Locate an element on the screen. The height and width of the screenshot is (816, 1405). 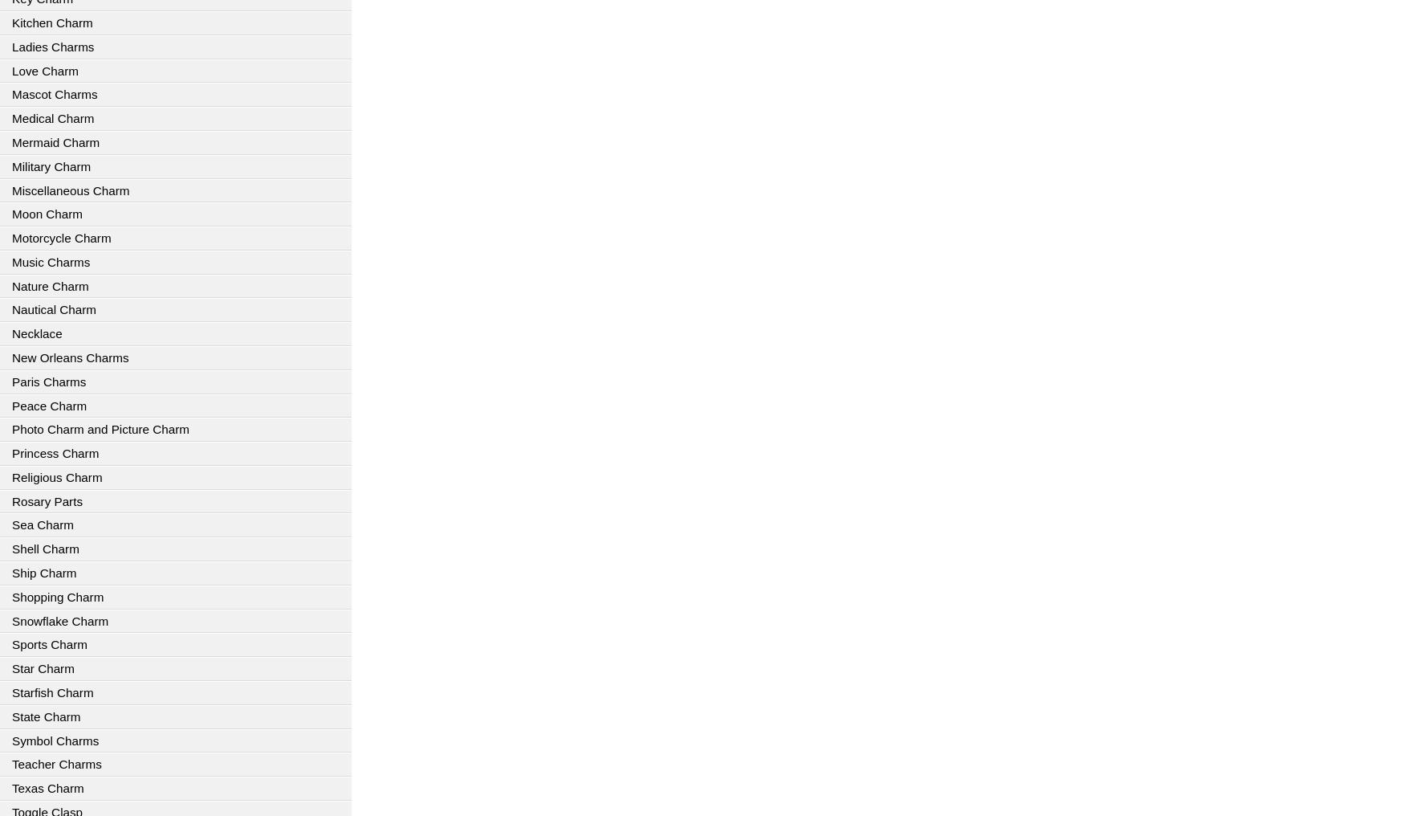
'Paris Charms' is located at coordinates (48, 381).